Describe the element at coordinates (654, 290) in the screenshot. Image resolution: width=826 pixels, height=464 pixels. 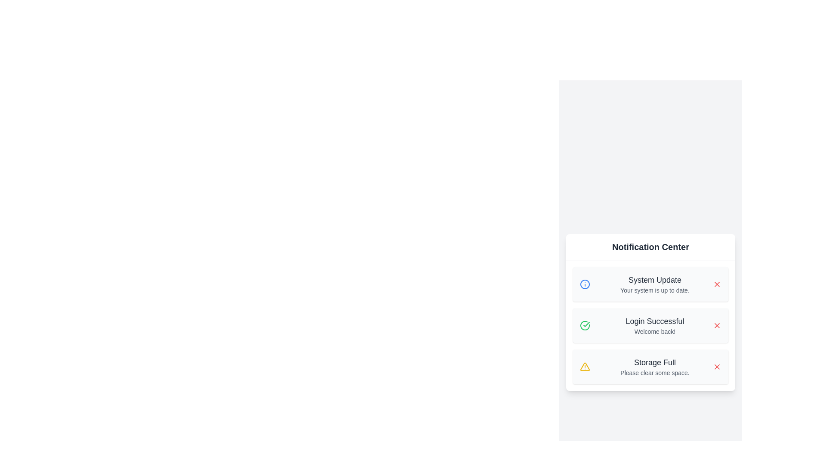
I see `the text label that reads 'Your system is up to date.' which is located below the 'System Update' text in the Notification Center` at that location.